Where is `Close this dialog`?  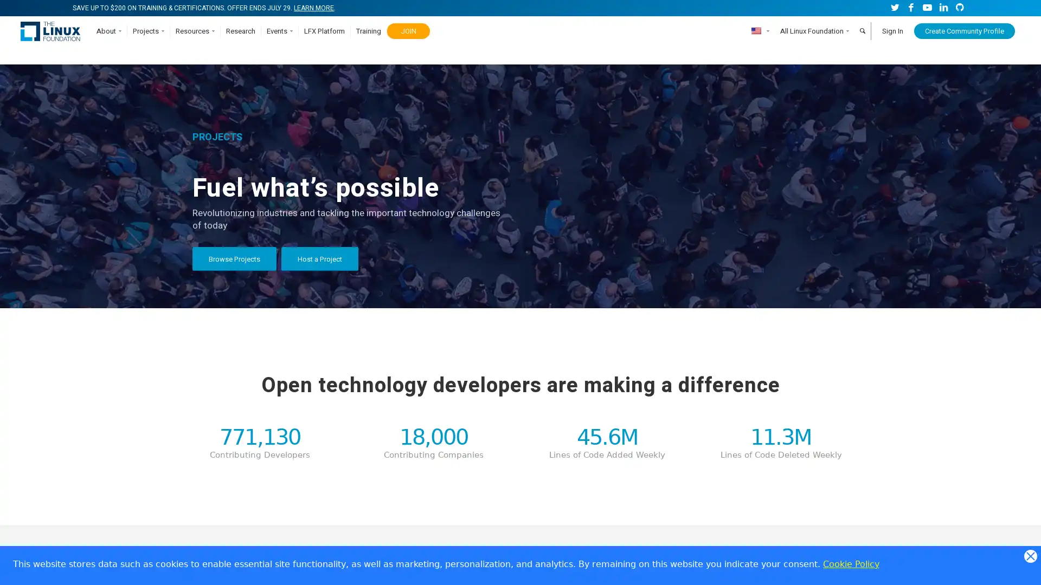 Close this dialog is located at coordinates (1030, 556).